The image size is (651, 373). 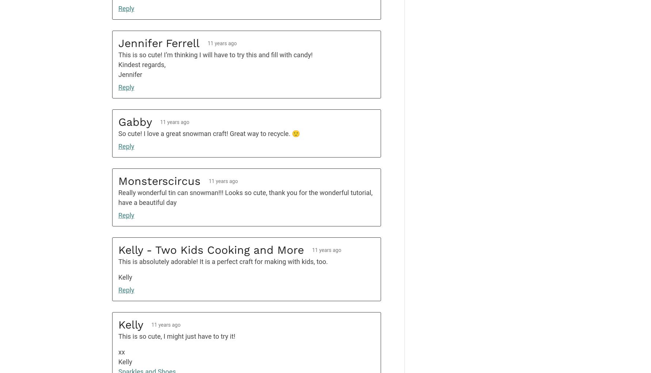 I want to click on 'xx', so click(x=118, y=352).